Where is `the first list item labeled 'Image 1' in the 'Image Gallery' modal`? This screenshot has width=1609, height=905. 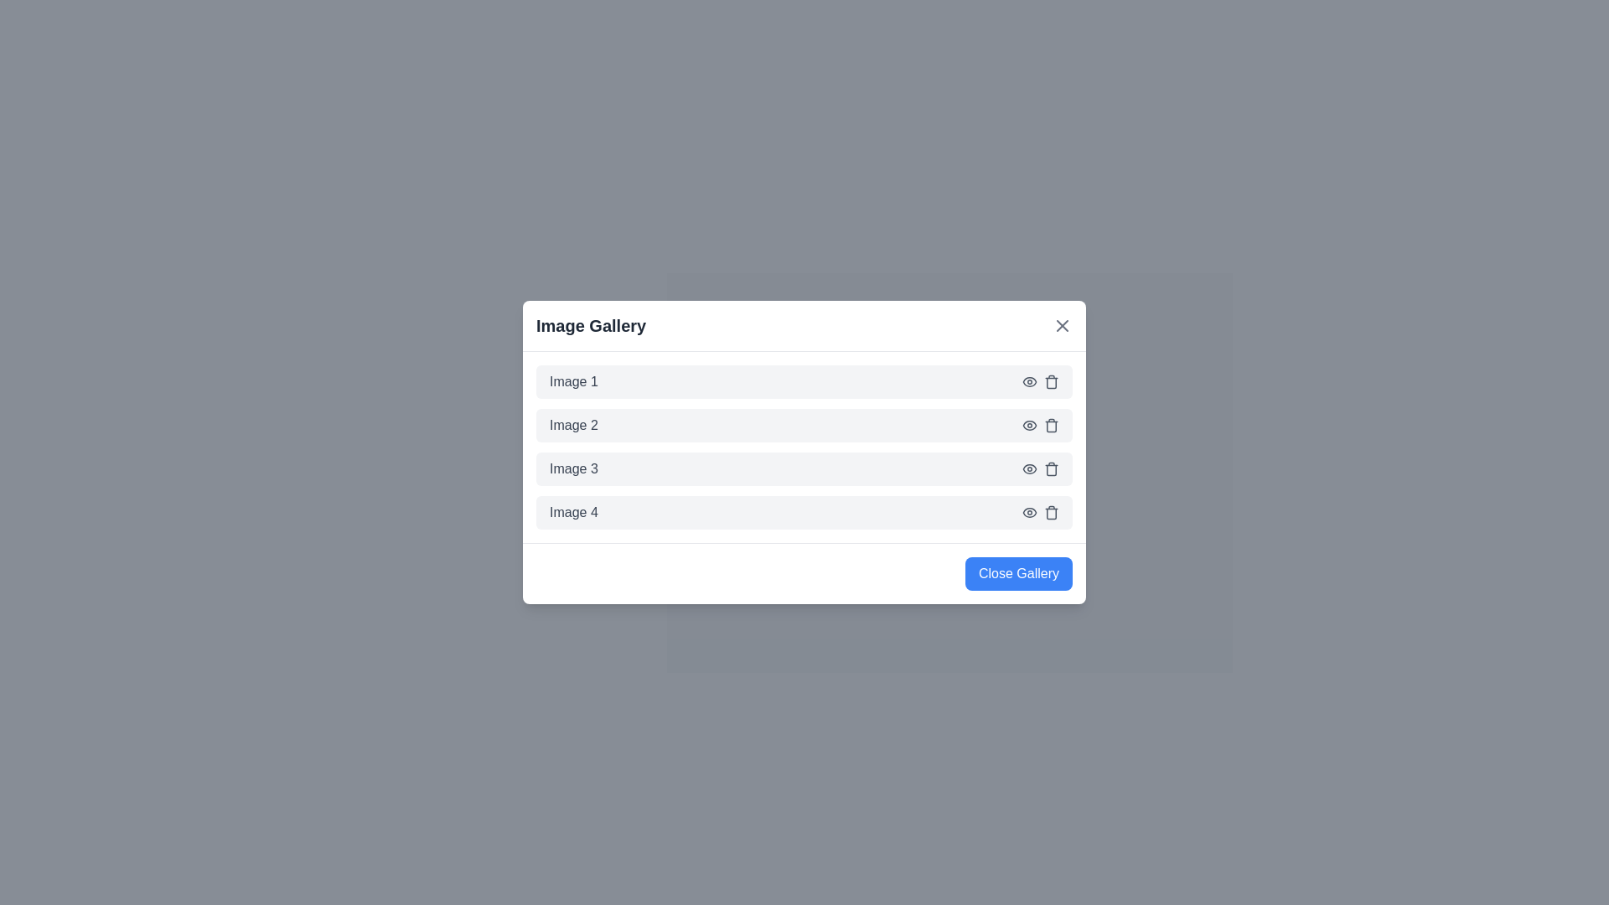
the first list item labeled 'Image 1' in the 'Image Gallery' modal is located at coordinates (804, 381).